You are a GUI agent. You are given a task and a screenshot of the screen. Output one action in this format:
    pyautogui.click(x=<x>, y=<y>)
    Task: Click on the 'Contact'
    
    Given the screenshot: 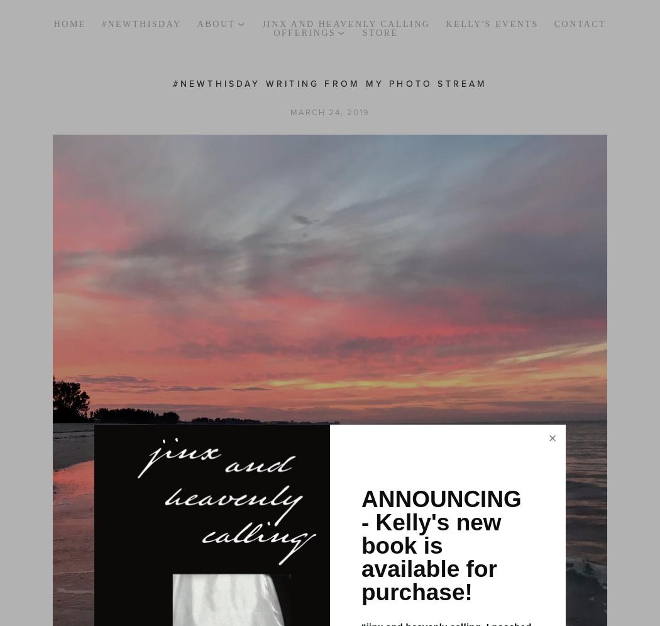 What is the action you would take?
    pyautogui.click(x=553, y=23)
    